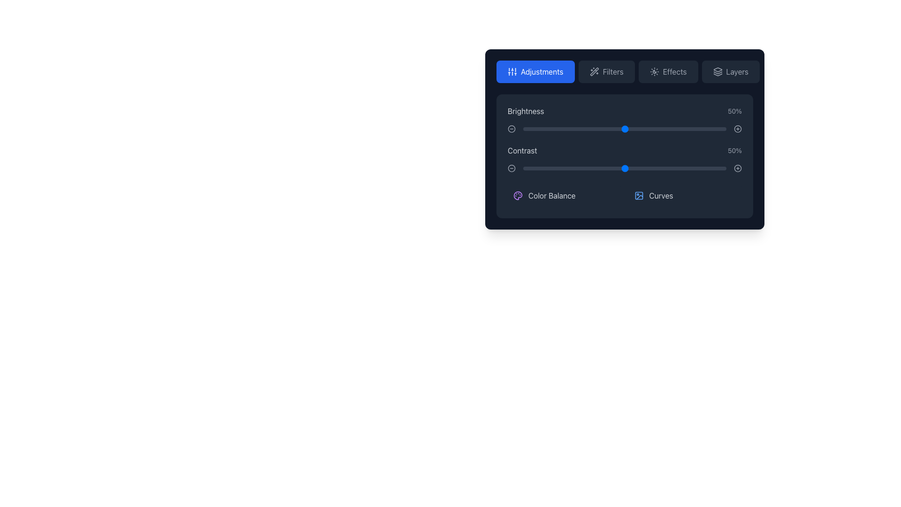 The height and width of the screenshot is (507, 901). What do you see at coordinates (660, 195) in the screenshot?
I see `the fifth Label element in the lower part of the panel that serves as an identifier for an option related to image manipulation` at bounding box center [660, 195].